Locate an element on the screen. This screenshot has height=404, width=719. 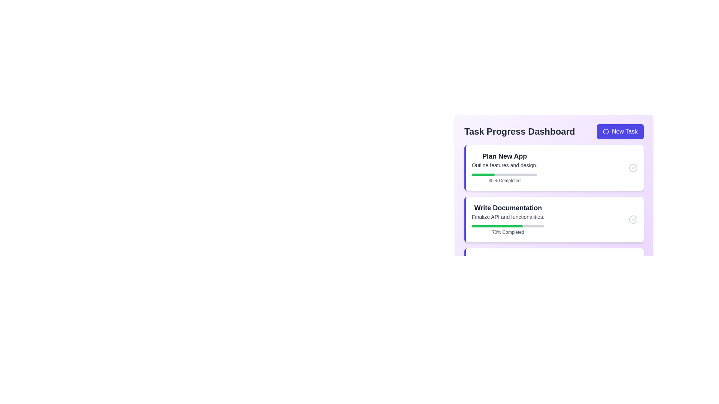
the circular icon with a checkmark located at the top-right corner of the 'Plan New App' card in the task management dashboard is located at coordinates (632, 167).